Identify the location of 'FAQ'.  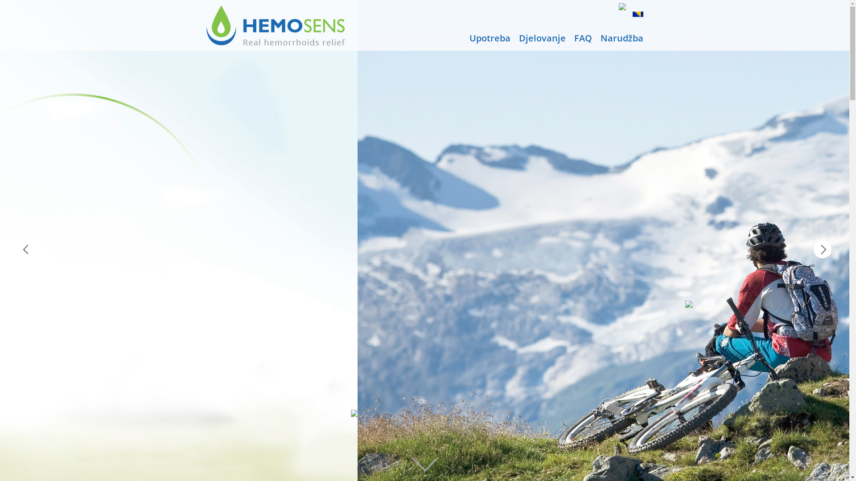
(583, 37).